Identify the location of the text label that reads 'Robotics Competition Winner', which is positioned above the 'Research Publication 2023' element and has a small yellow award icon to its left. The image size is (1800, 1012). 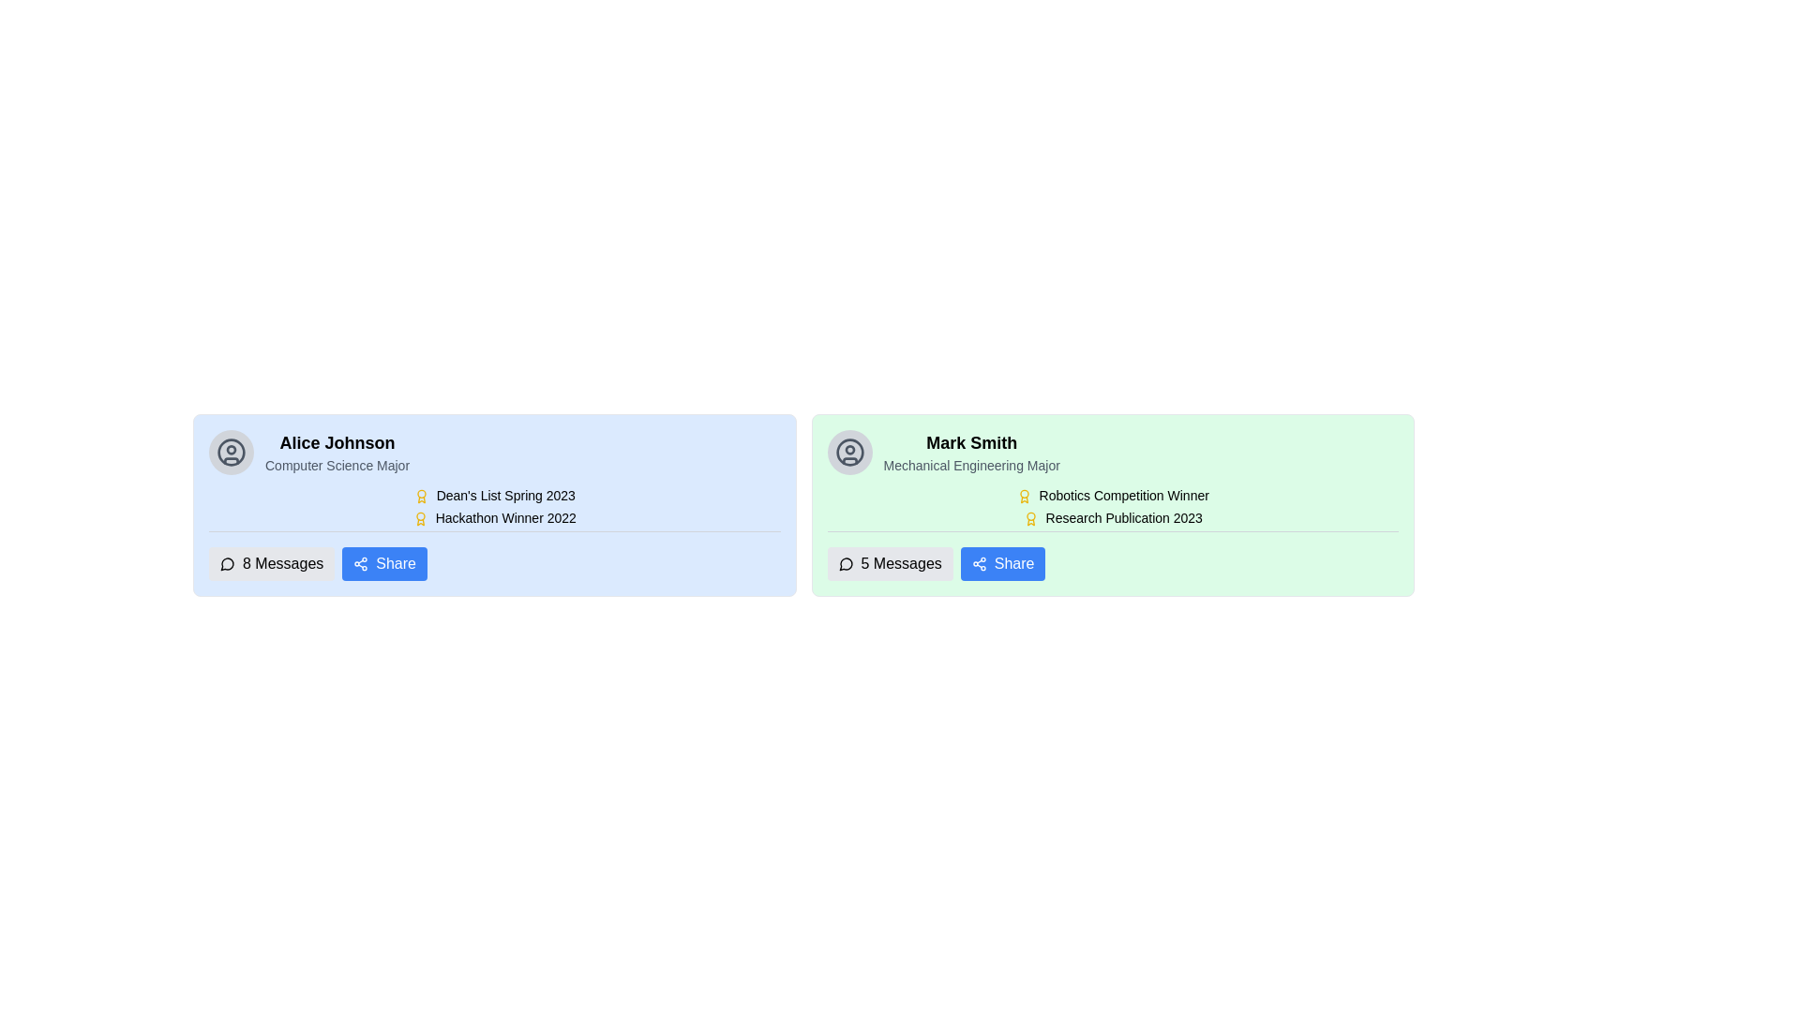
(1113, 494).